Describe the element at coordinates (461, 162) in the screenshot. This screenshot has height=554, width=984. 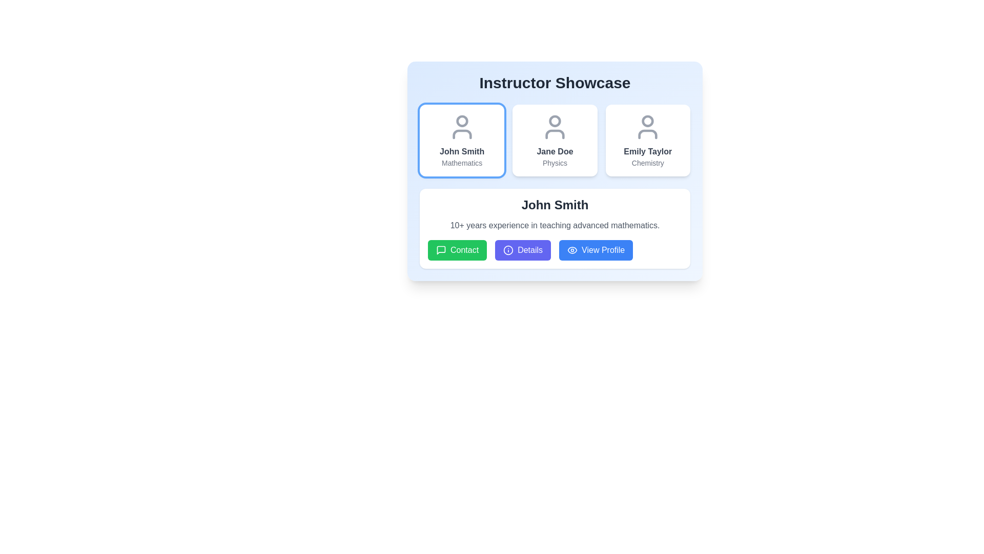
I see `the text label that describes the expertise of 'John Smith', located directly below his name in the first card of a horizontal group of three cards` at that location.